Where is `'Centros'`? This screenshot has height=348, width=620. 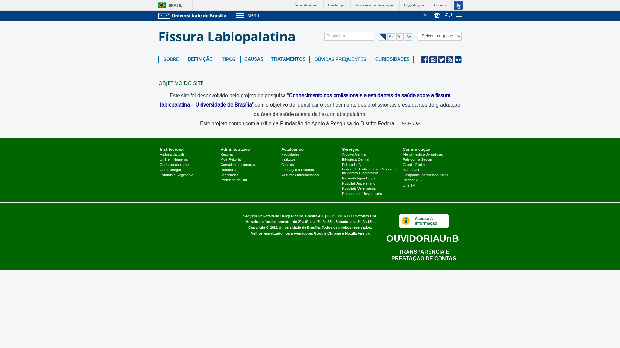 'Centros' is located at coordinates (287, 165).